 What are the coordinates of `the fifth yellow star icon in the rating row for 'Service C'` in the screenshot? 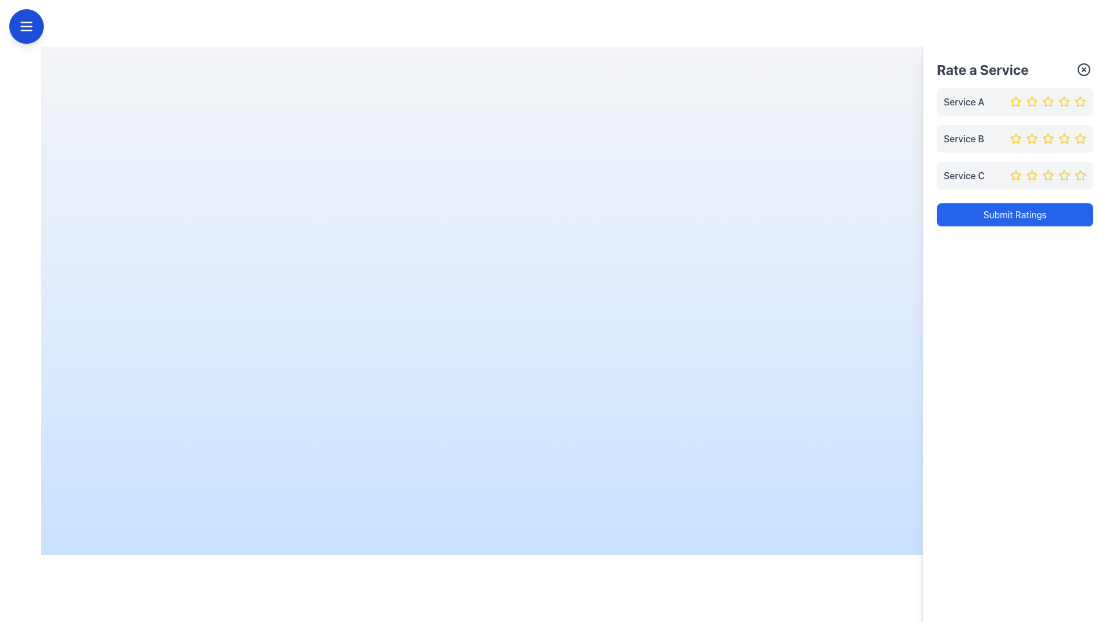 It's located at (1064, 175).